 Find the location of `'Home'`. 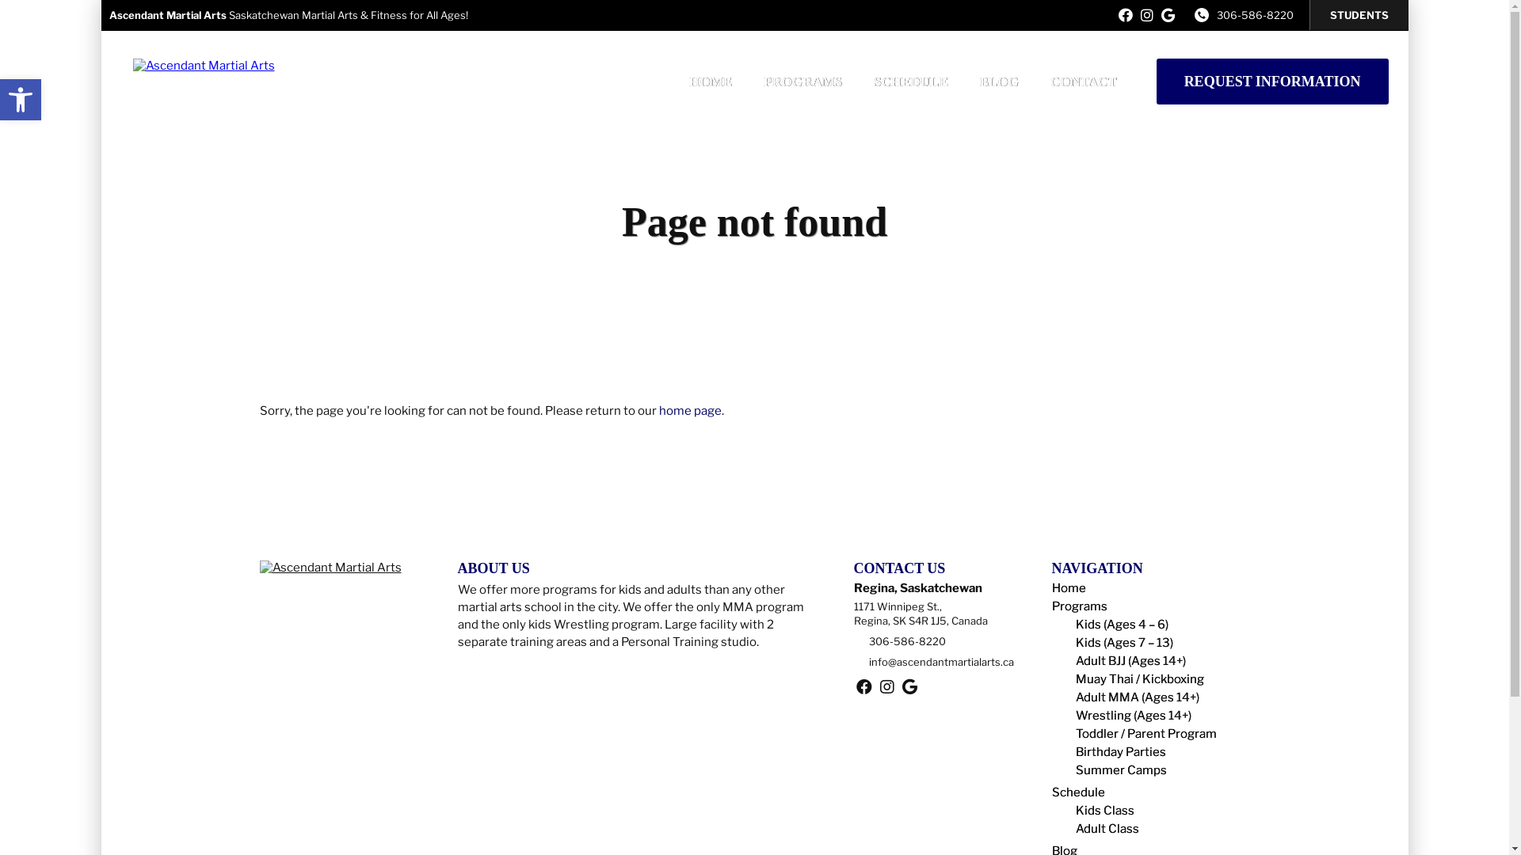

'Home' is located at coordinates (1069, 588).